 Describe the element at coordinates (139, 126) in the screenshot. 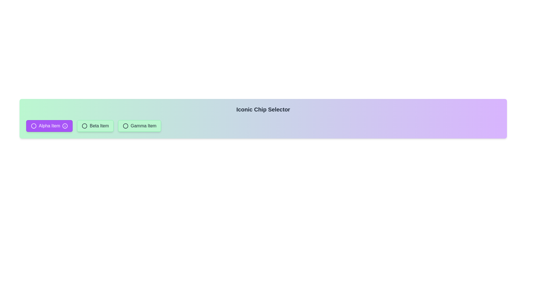

I see `the button labeled Gamma Item` at that location.